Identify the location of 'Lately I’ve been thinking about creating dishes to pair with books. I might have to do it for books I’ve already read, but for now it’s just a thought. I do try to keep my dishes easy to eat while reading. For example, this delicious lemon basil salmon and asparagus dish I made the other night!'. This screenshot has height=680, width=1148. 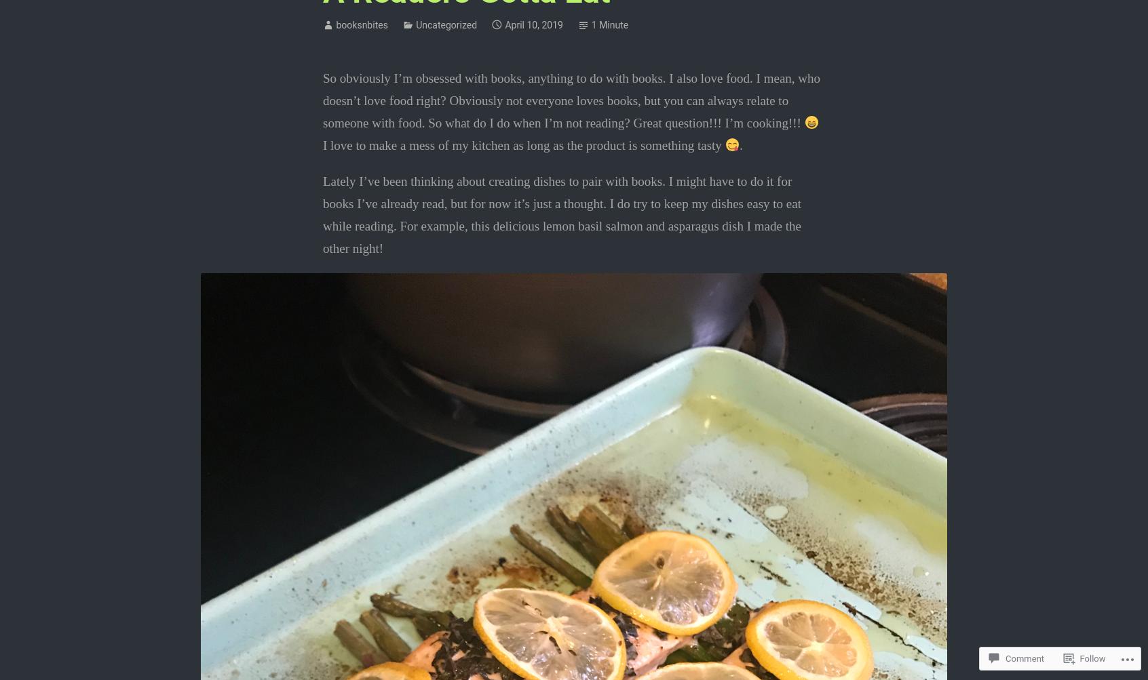
(562, 214).